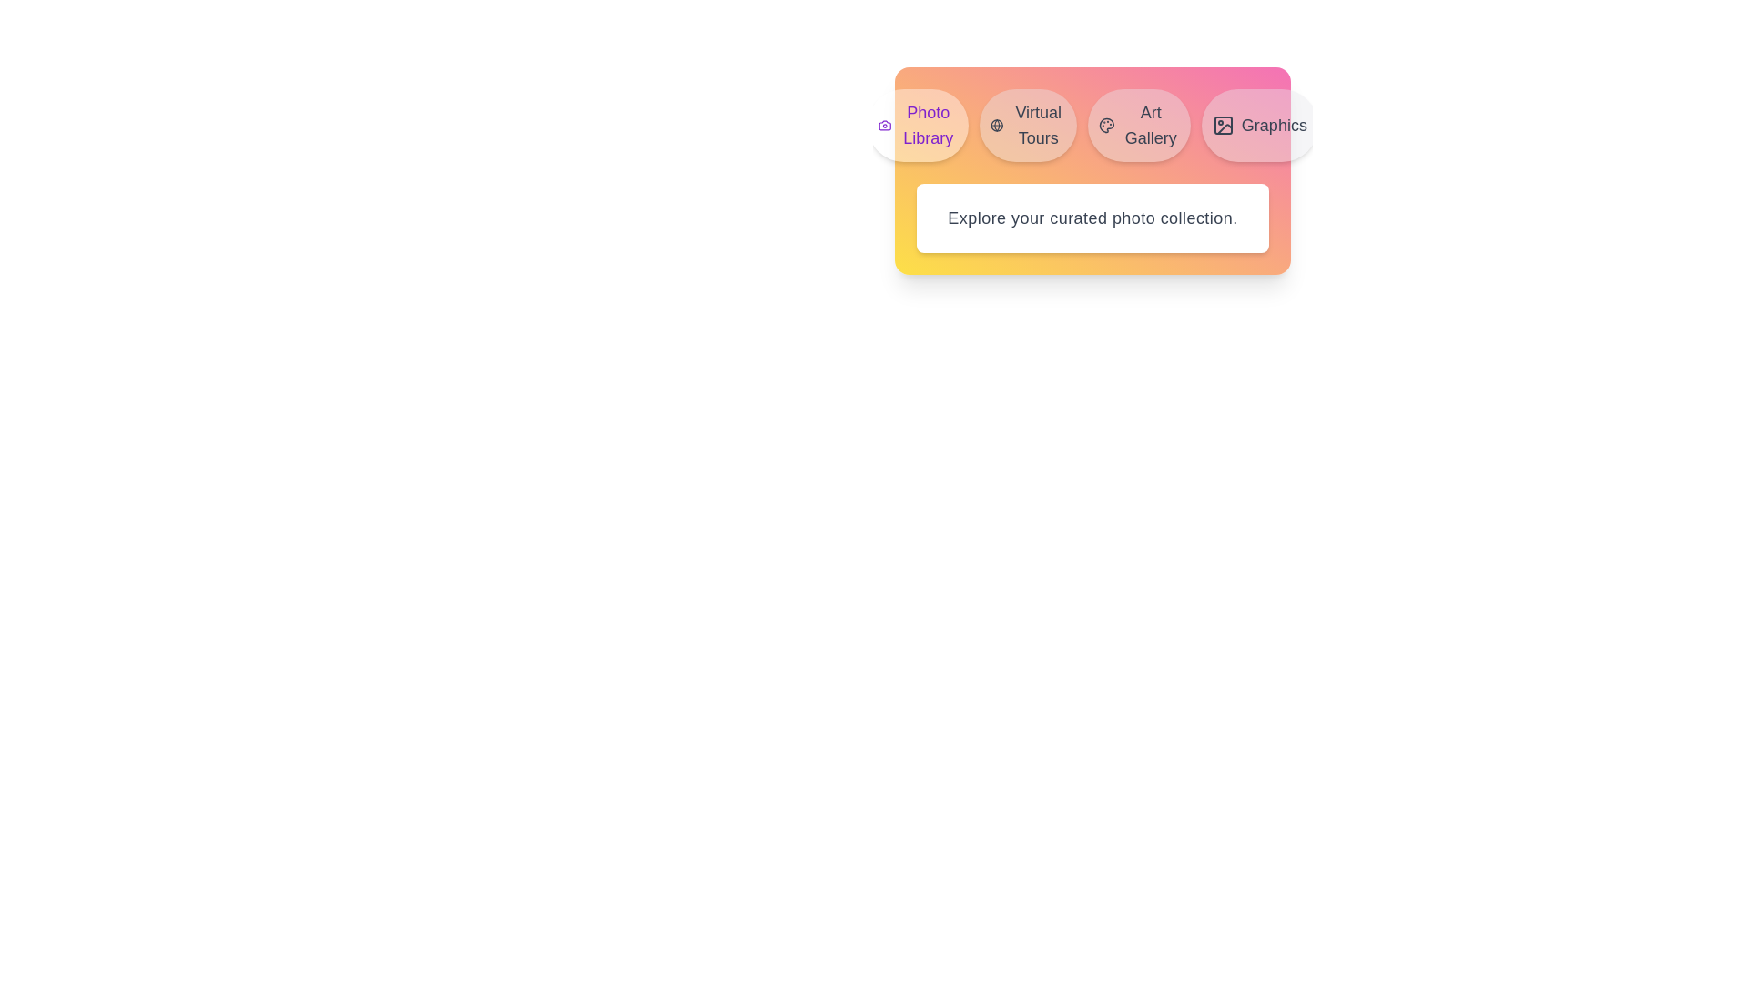 The height and width of the screenshot is (983, 1748). What do you see at coordinates (1138, 125) in the screenshot?
I see `the tab labeled 'Art Gallery' to preview its effect` at bounding box center [1138, 125].